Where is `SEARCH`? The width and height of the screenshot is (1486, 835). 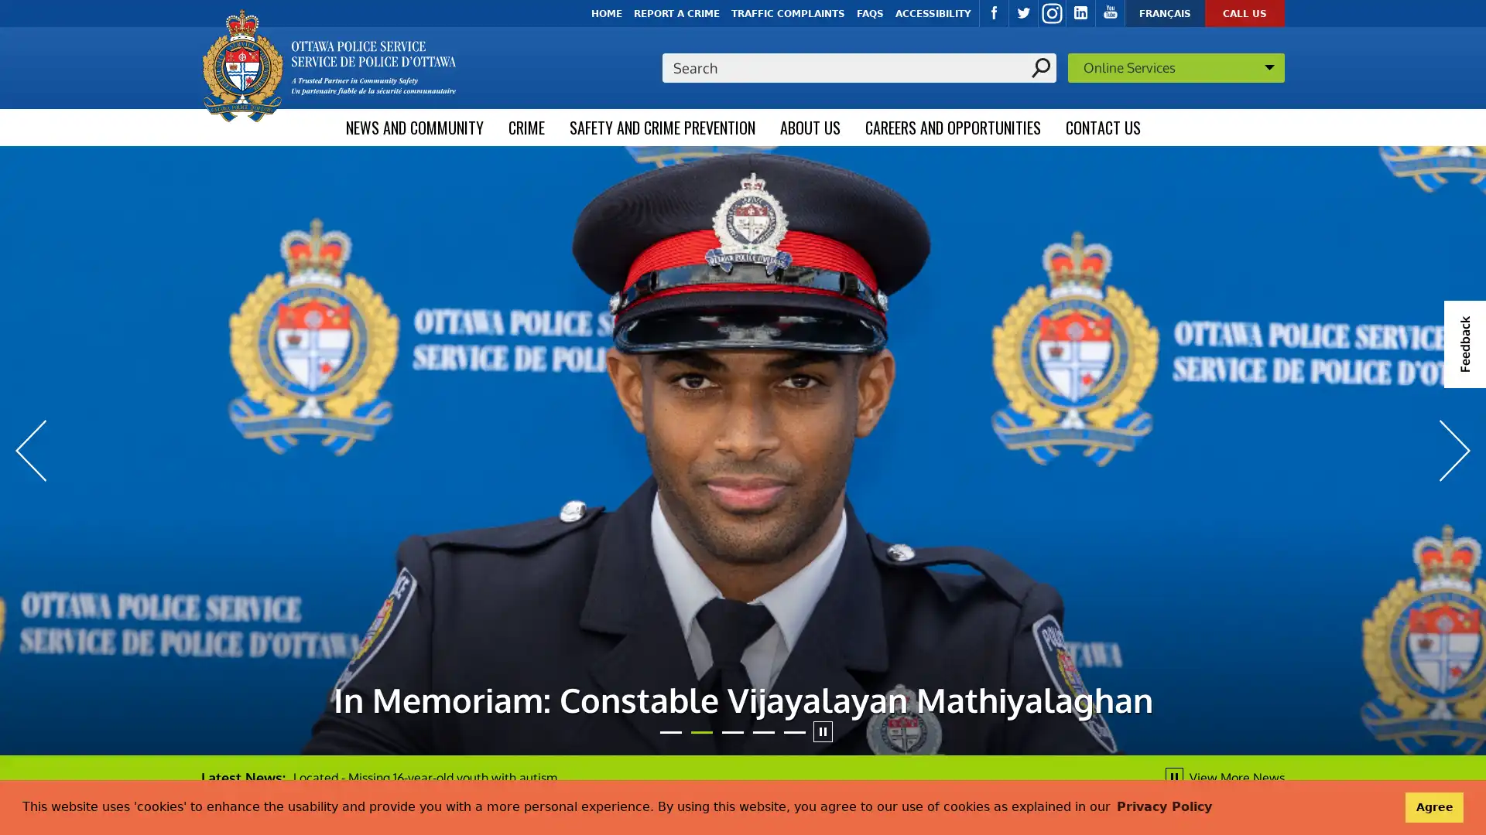
SEARCH is located at coordinates (1040, 66).